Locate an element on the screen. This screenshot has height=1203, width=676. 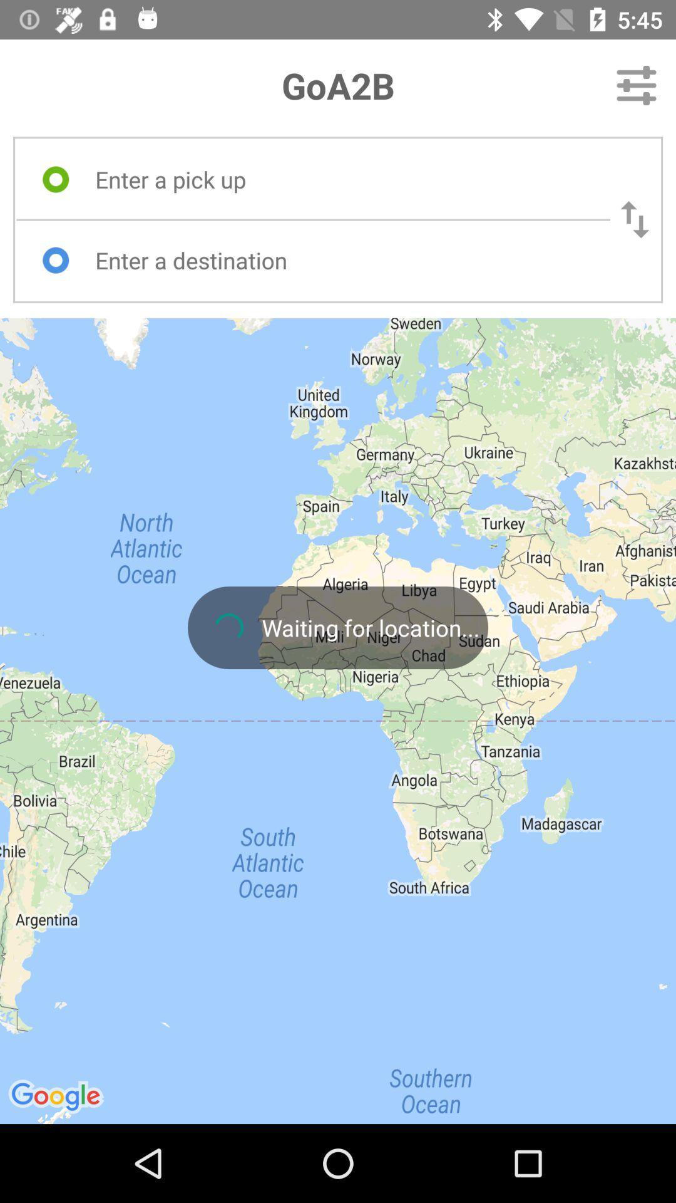
the item below goa2b icon is located at coordinates (341, 179).